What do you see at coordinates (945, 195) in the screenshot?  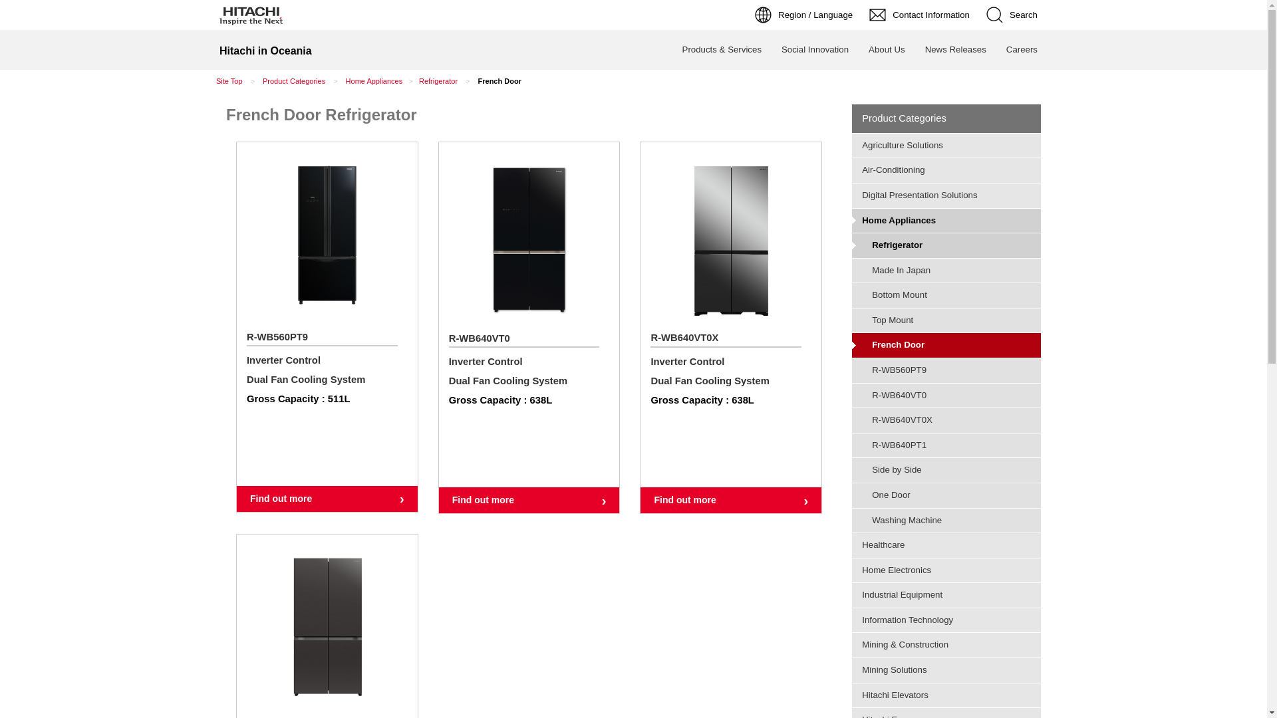 I see `'Digital Presentation Solutions'` at bounding box center [945, 195].